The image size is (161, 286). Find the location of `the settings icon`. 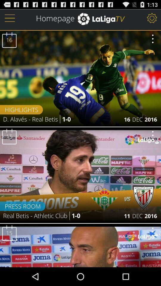

the settings icon is located at coordinates (152, 19).